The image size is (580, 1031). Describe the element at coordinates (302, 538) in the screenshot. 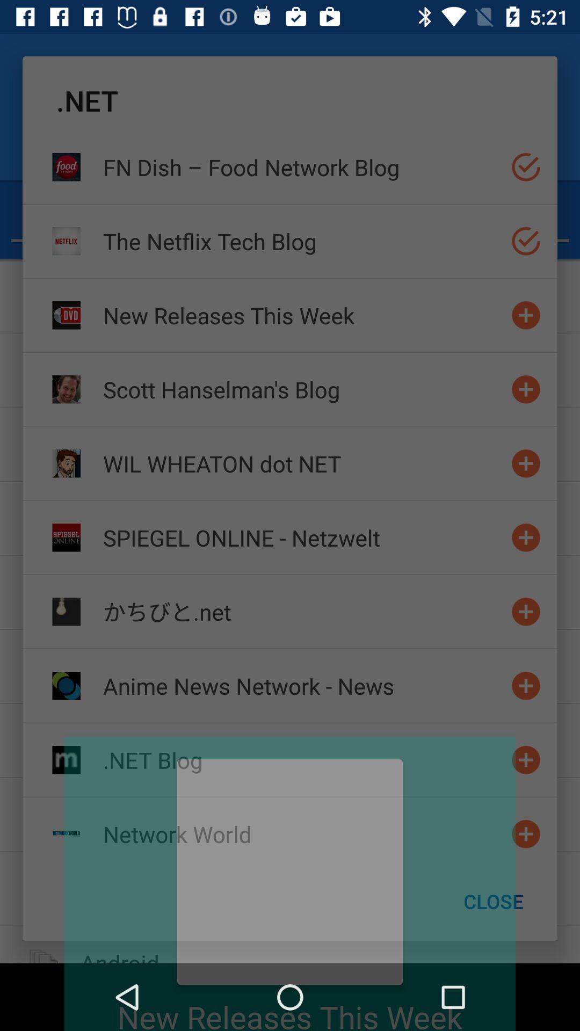

I see `item below the wil wheaton dot icon` at that location.